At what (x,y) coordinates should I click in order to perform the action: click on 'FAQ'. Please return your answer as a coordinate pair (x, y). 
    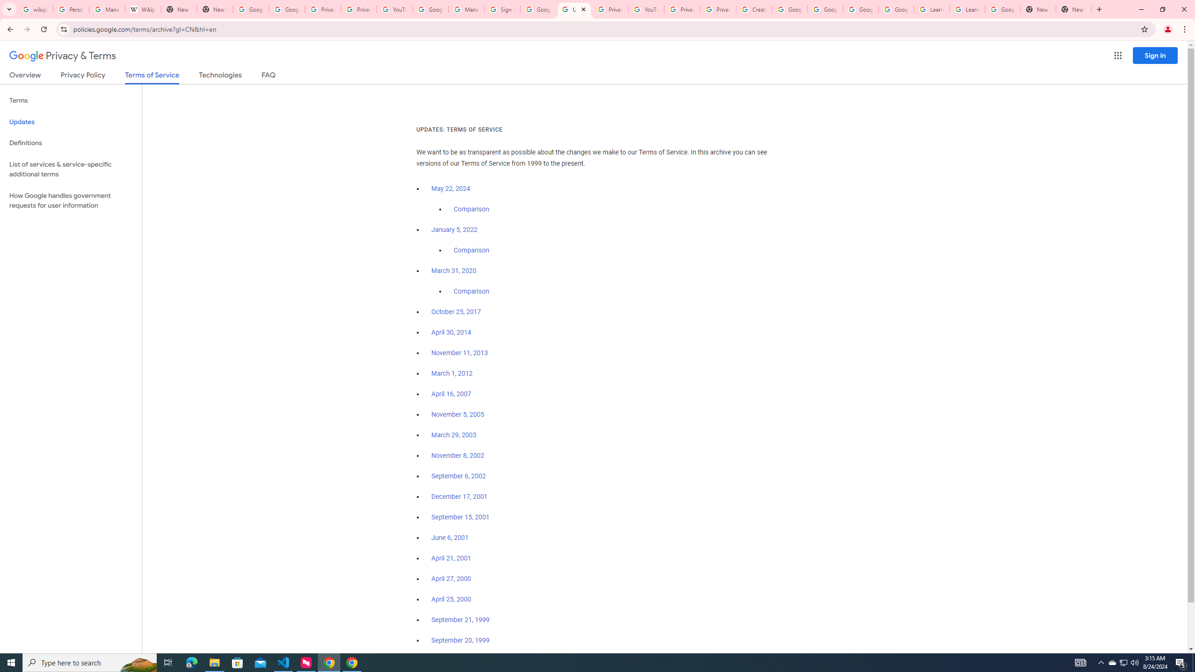
    Looking at the image, I should click on (268, 77).